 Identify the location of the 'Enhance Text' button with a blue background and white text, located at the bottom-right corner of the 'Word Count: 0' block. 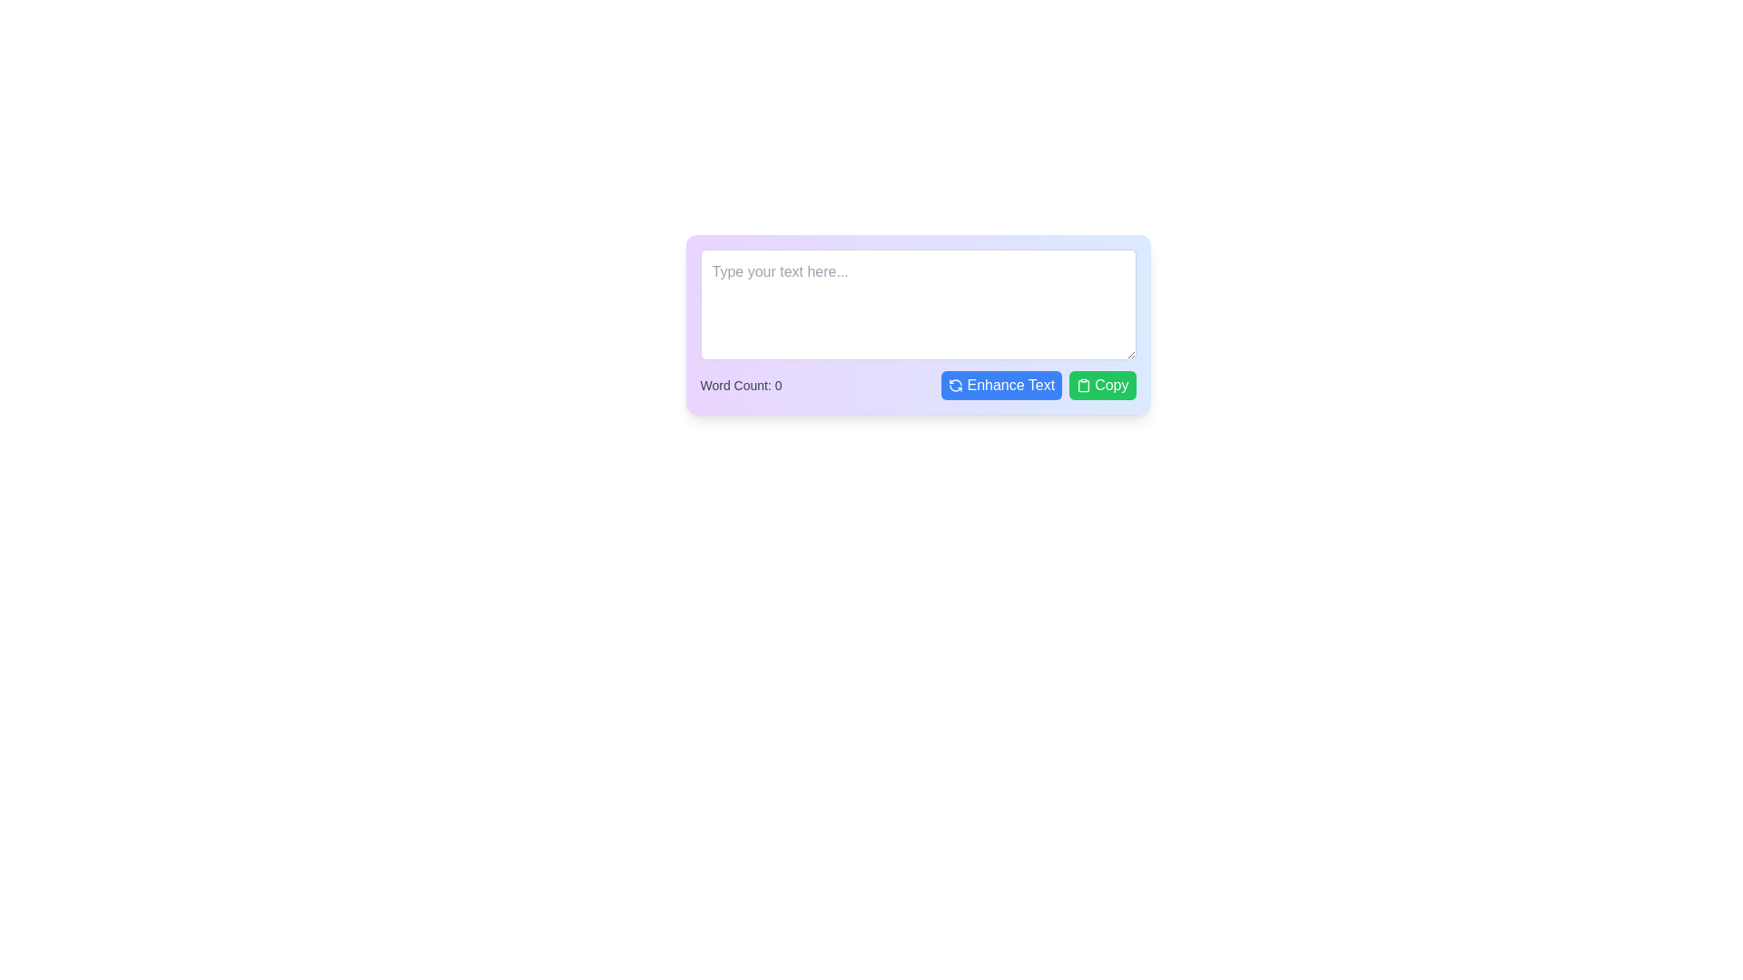
(1039, 384).